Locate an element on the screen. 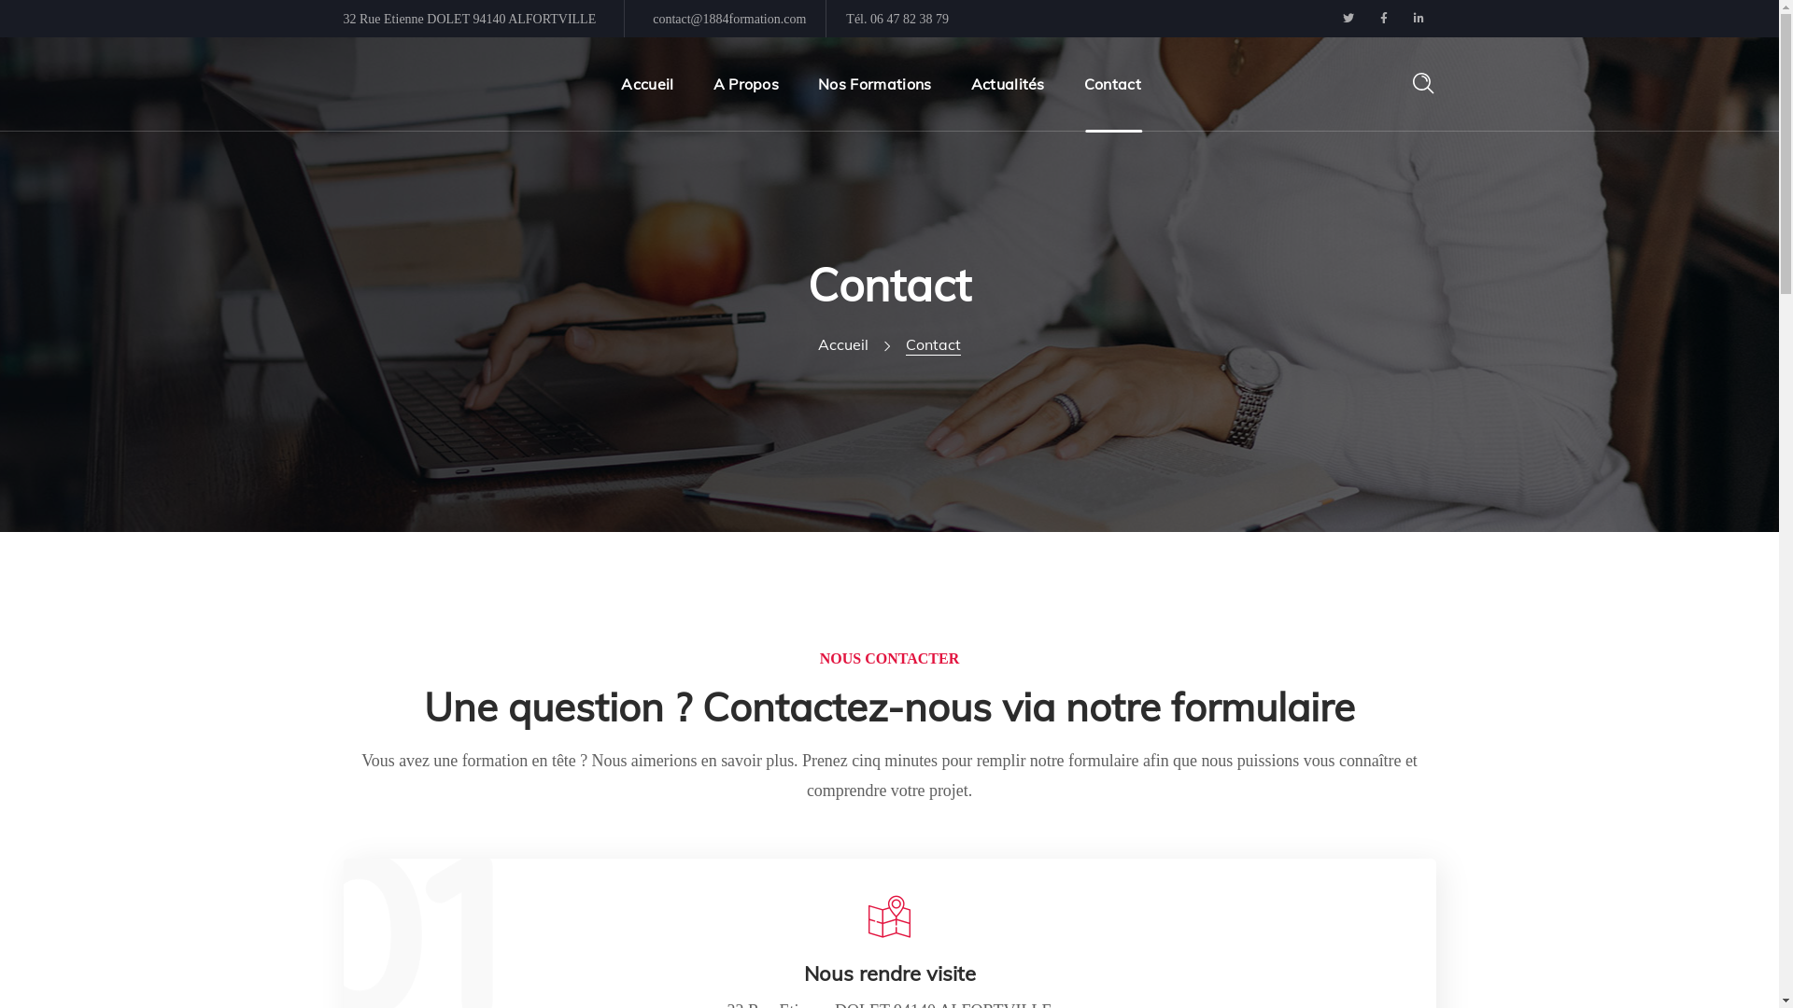 The image size is (1793, 1008). 'Contact' is located at coordinates (1112, 82).